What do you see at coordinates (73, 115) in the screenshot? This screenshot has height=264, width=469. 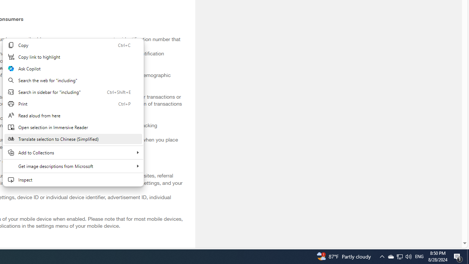 I see `'Read aloud from here'` at bounding box center [73, 115].